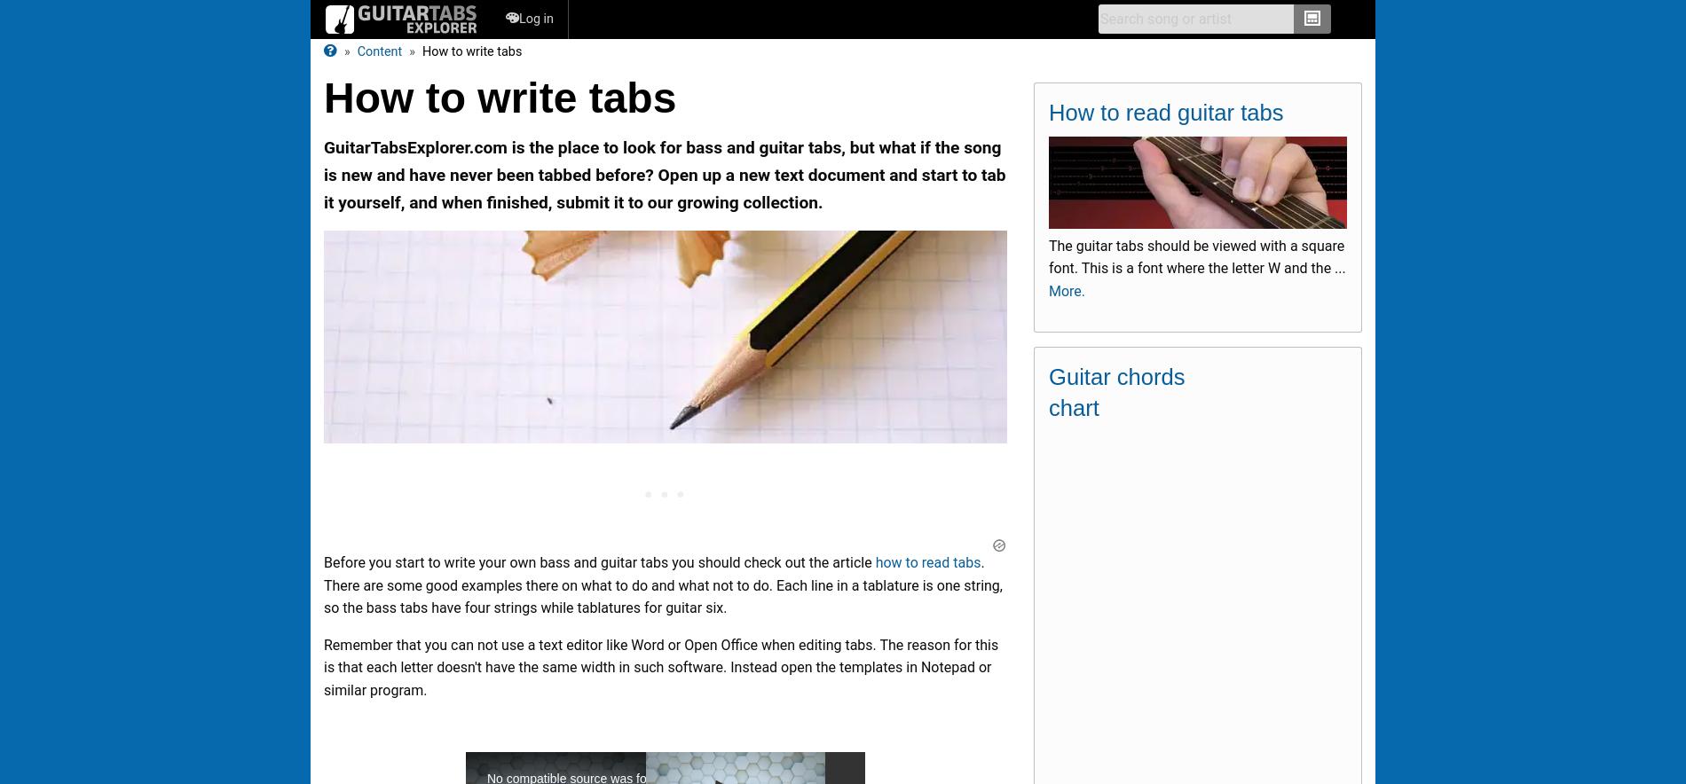 This screenshot has width=1686, height=784. What do you see at coordinates (322, 561) in the screenshot?
I see `'Before you start to write your own bass and guitar tabs you should check out the article'` at bounding box center [322, 561].